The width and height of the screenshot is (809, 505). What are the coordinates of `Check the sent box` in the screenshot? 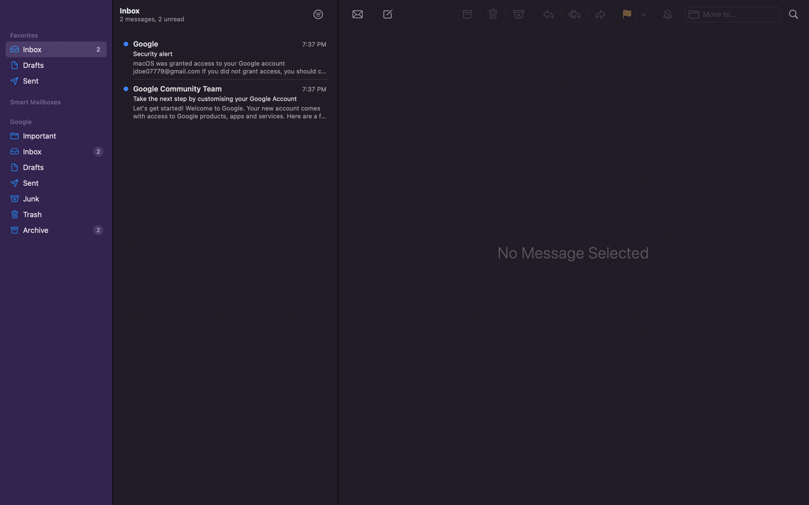 It's located at (56, 183).